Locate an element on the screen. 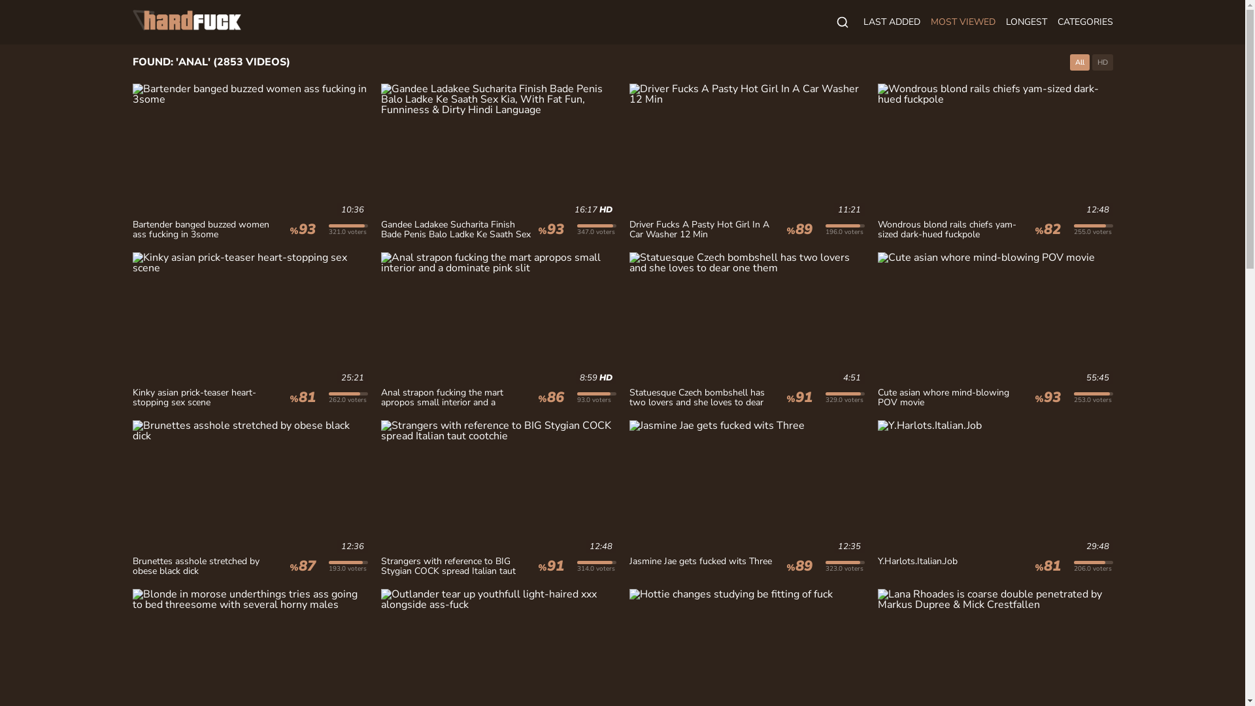  'HD' is located at coordinates (1101, 62).